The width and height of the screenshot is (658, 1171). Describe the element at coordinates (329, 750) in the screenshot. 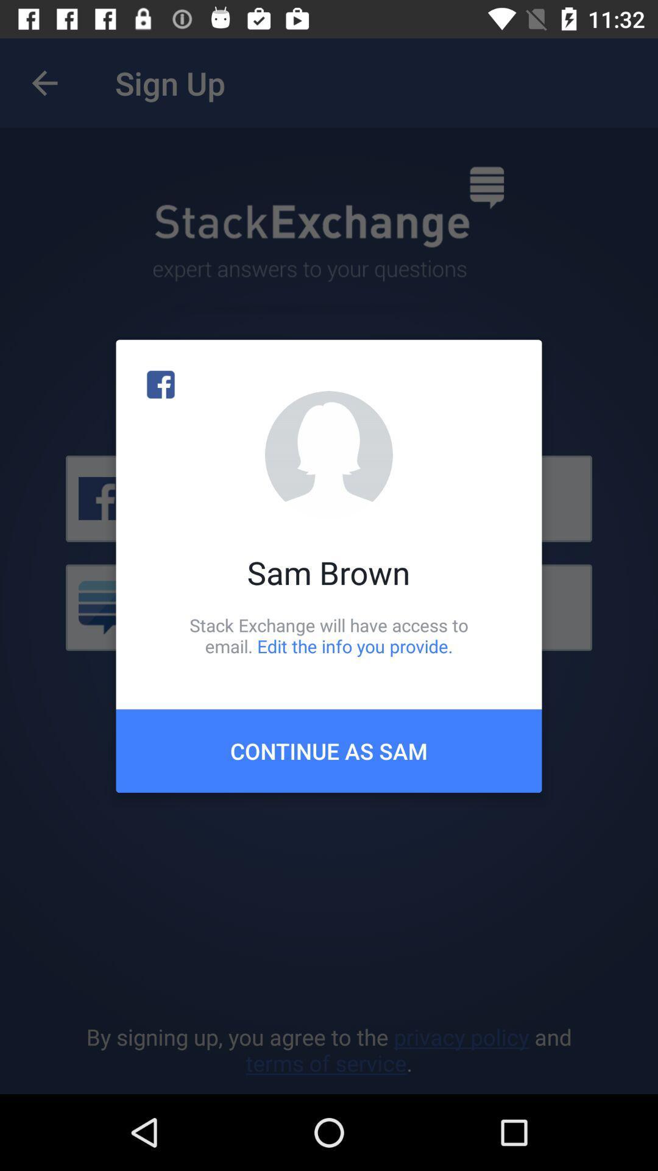

I see `the continue as sam icon` at that location.